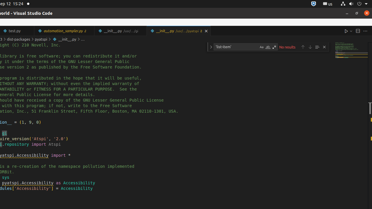 This screenshot has width=372, height=209. Describe the element at coordinates (64, 31) in the screenshot. I see `'automation_sampler.py, preview'` at that location.